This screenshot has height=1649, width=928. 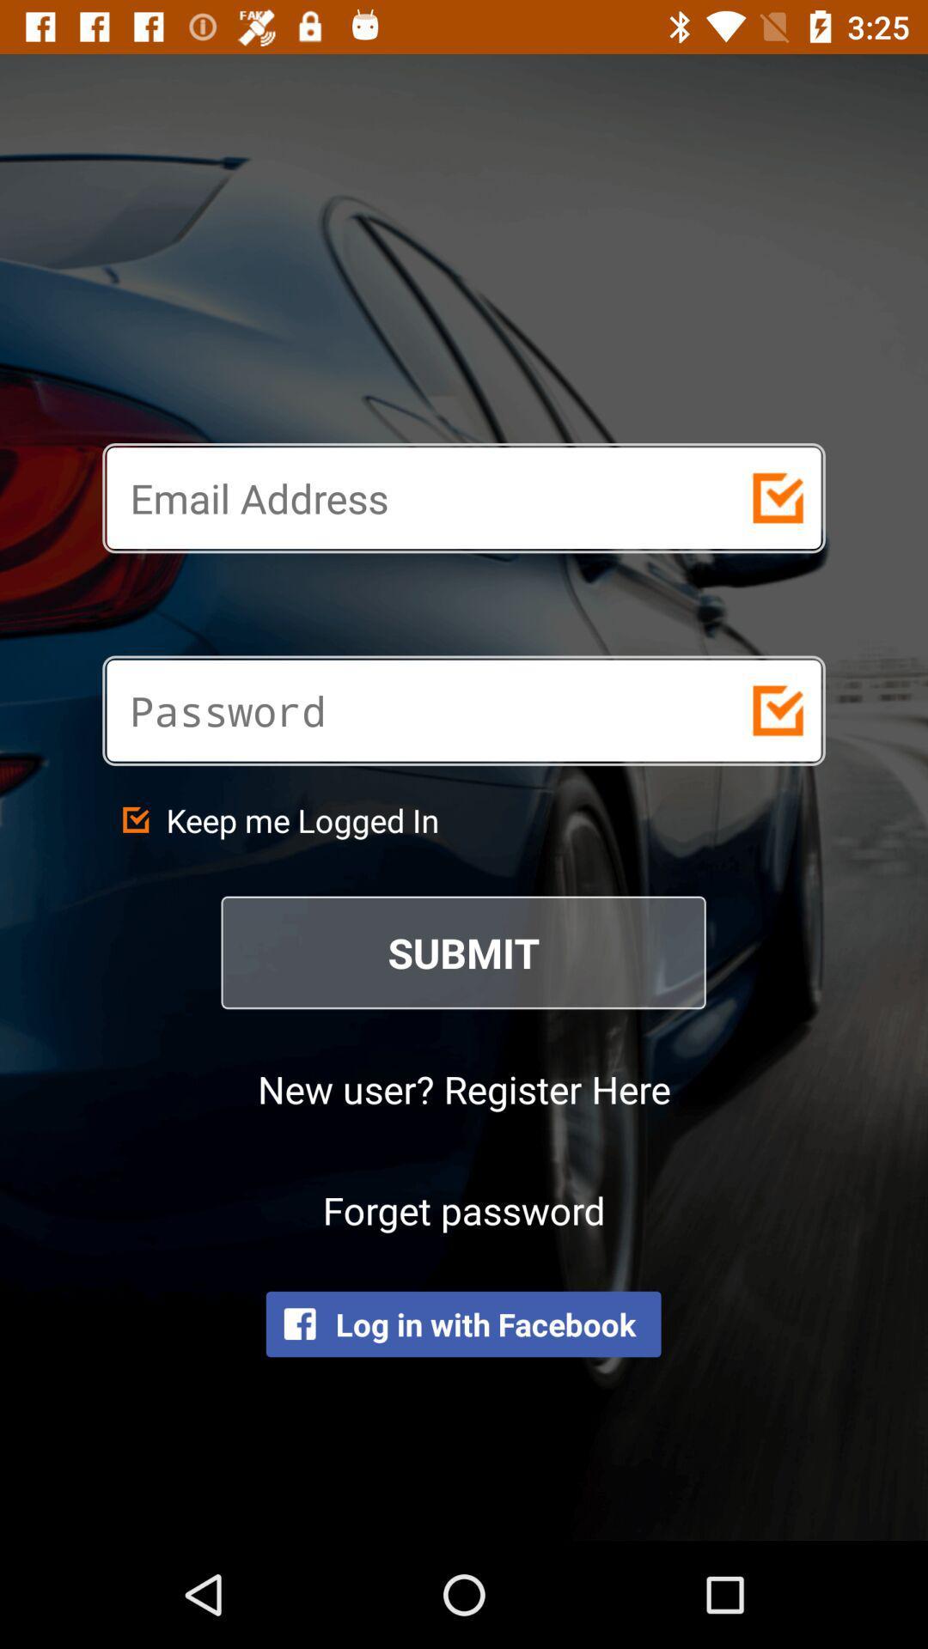 I want to click on submit icon, so click(x=464, y=952).